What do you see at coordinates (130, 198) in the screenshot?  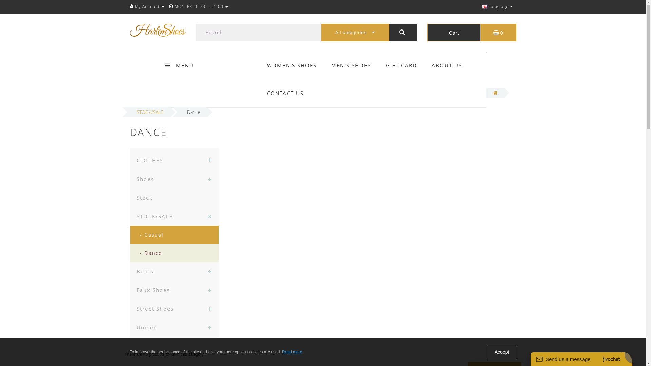 I see `'Stock'` at bounding box center [130, 198].